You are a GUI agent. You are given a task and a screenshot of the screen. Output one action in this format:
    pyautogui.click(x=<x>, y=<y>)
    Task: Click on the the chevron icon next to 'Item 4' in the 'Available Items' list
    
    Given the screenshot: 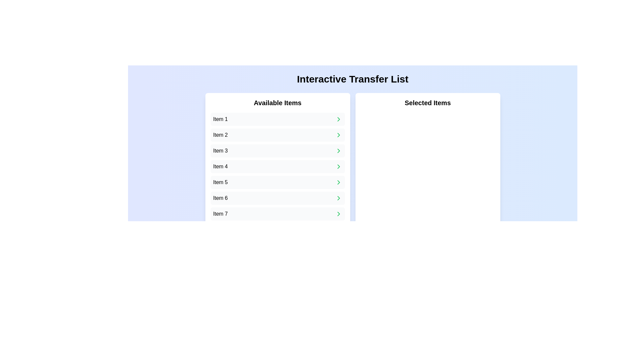 What is the action you would take?
    pyautogui.click(x=338, y=166)
    